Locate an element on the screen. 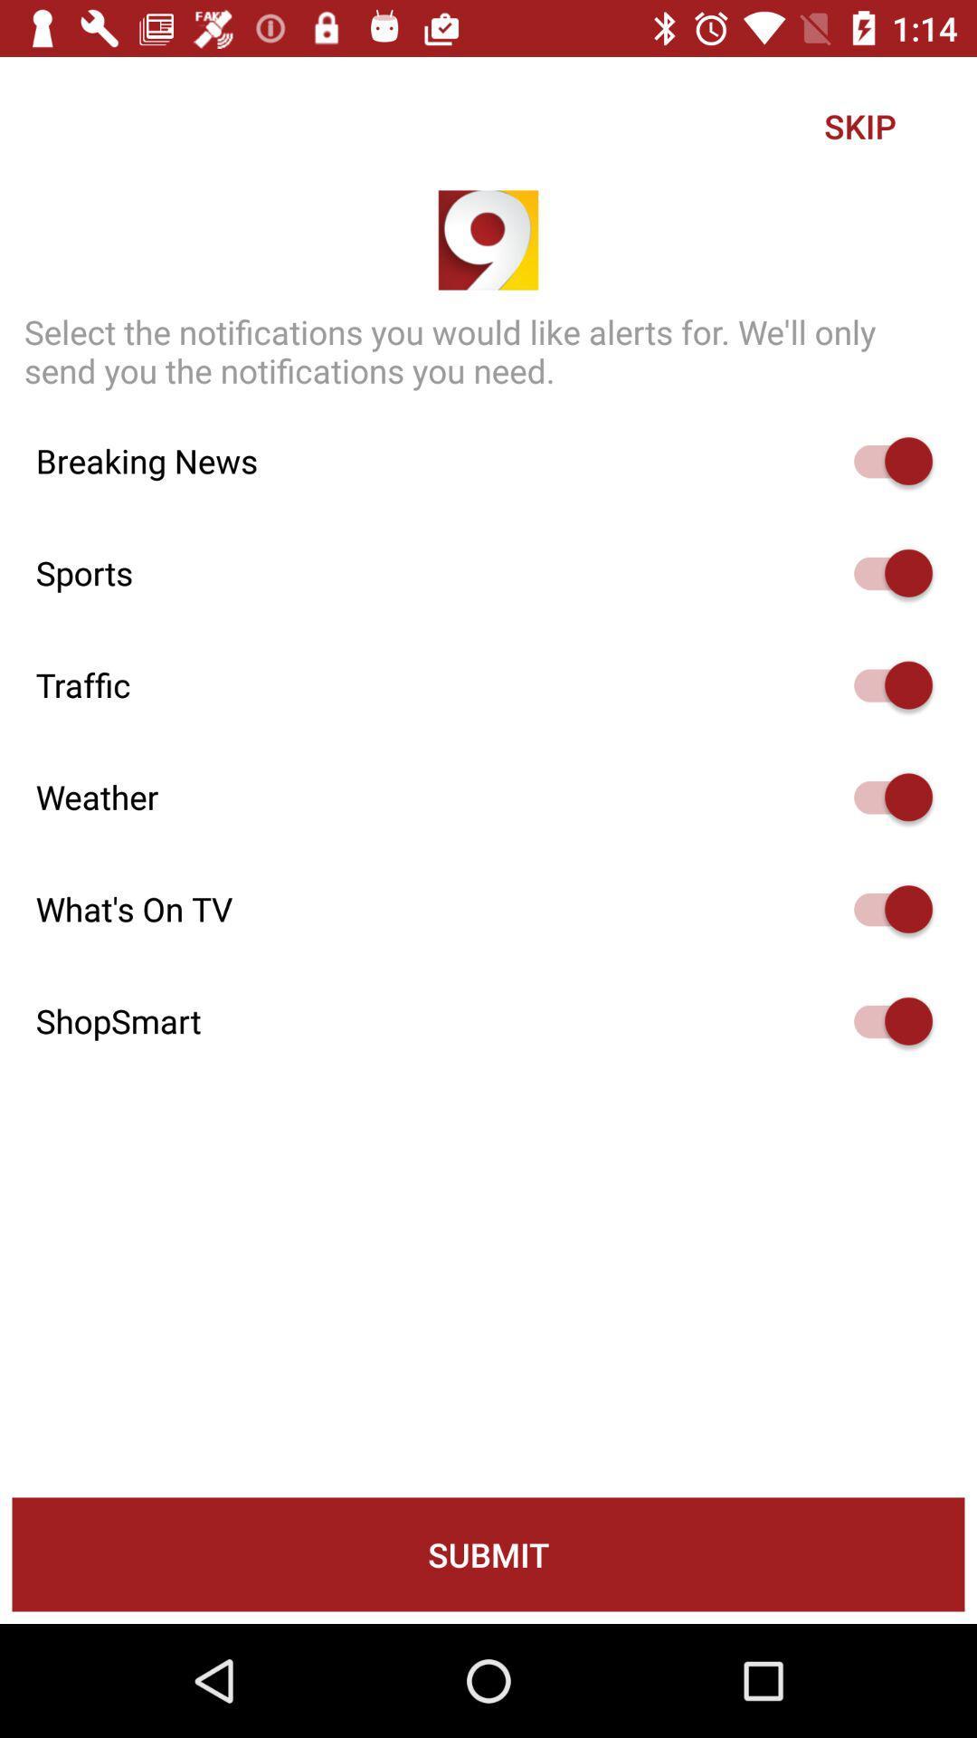 This screenshot has height=1738, width=977. he can activate the simple voice command is located at coordinates (884, 684).